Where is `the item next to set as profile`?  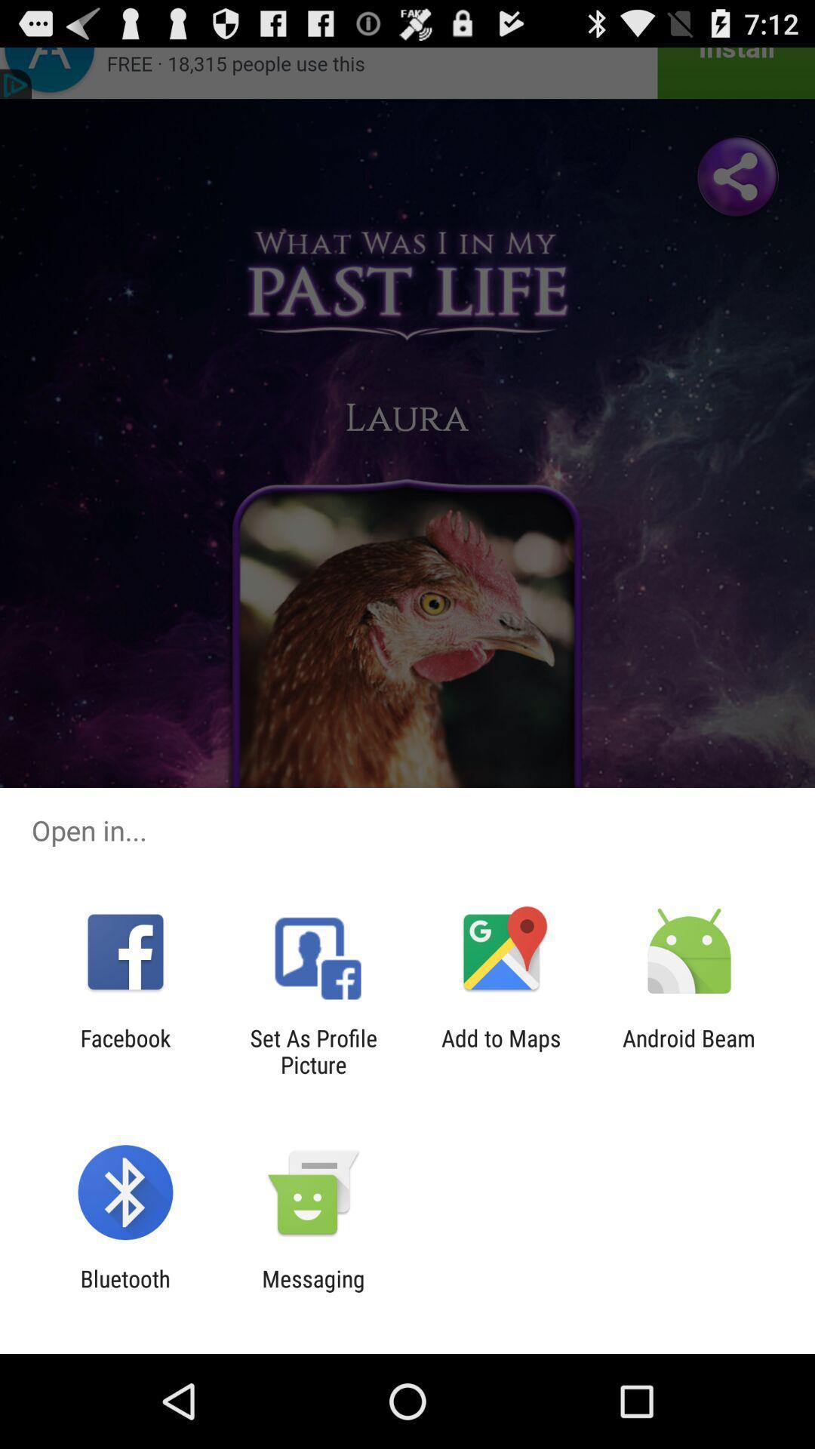
the item next to set as profile is located at coordinates (125, 1051).